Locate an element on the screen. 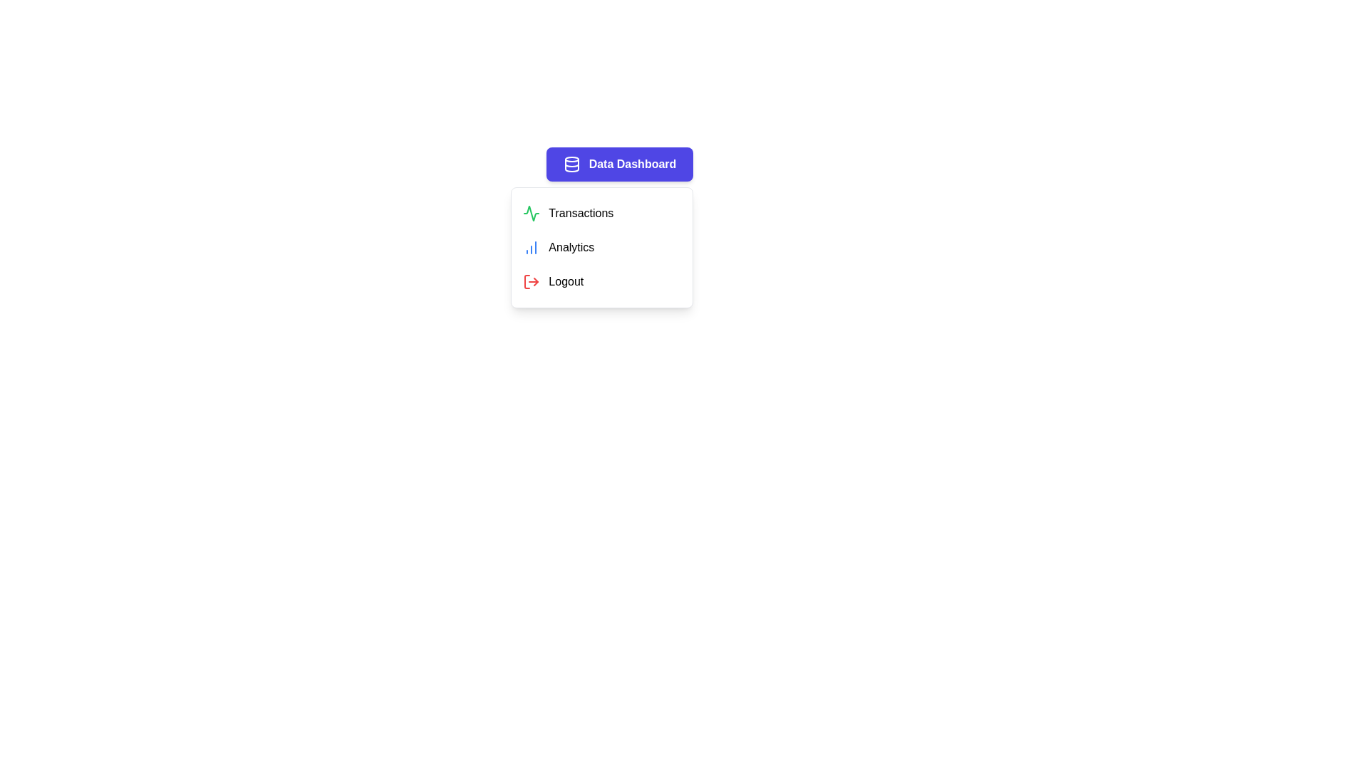 This screenshot has height=769, width=1368. the 'Data Dashboard' button to toggle the menu visibility is located at coordinates (618, 164).